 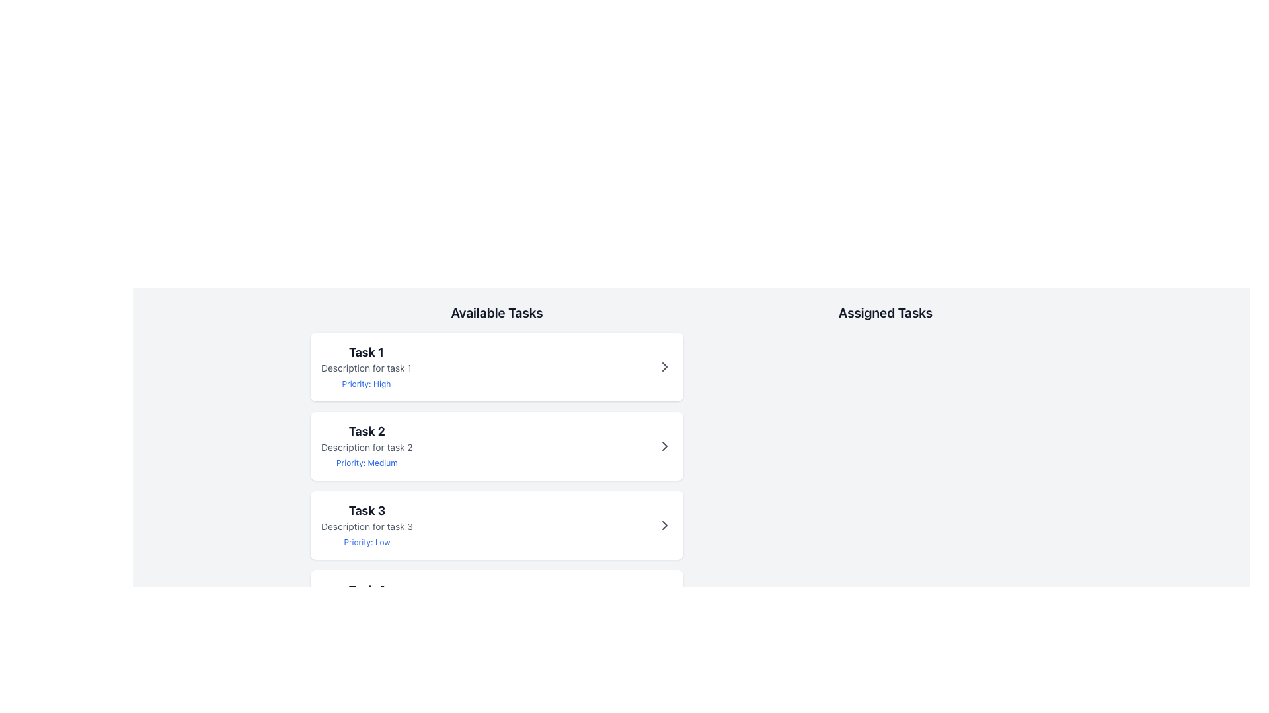 What do you see at coordinates (496, 313) in the screenshot?
I see `text label 'Available Tasks' which is styled in bold and located at the top of the task management section` at bounding box center [496, 313].